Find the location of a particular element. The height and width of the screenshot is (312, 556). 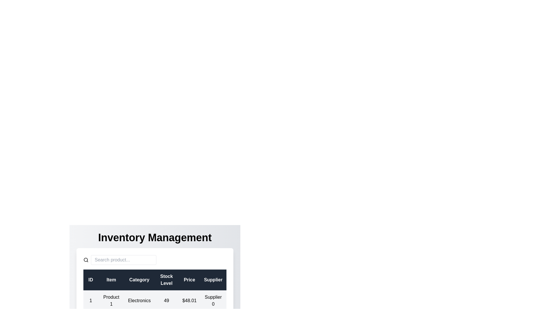

the column header Price to sort the data by that column is located at coordinates (189, 279).